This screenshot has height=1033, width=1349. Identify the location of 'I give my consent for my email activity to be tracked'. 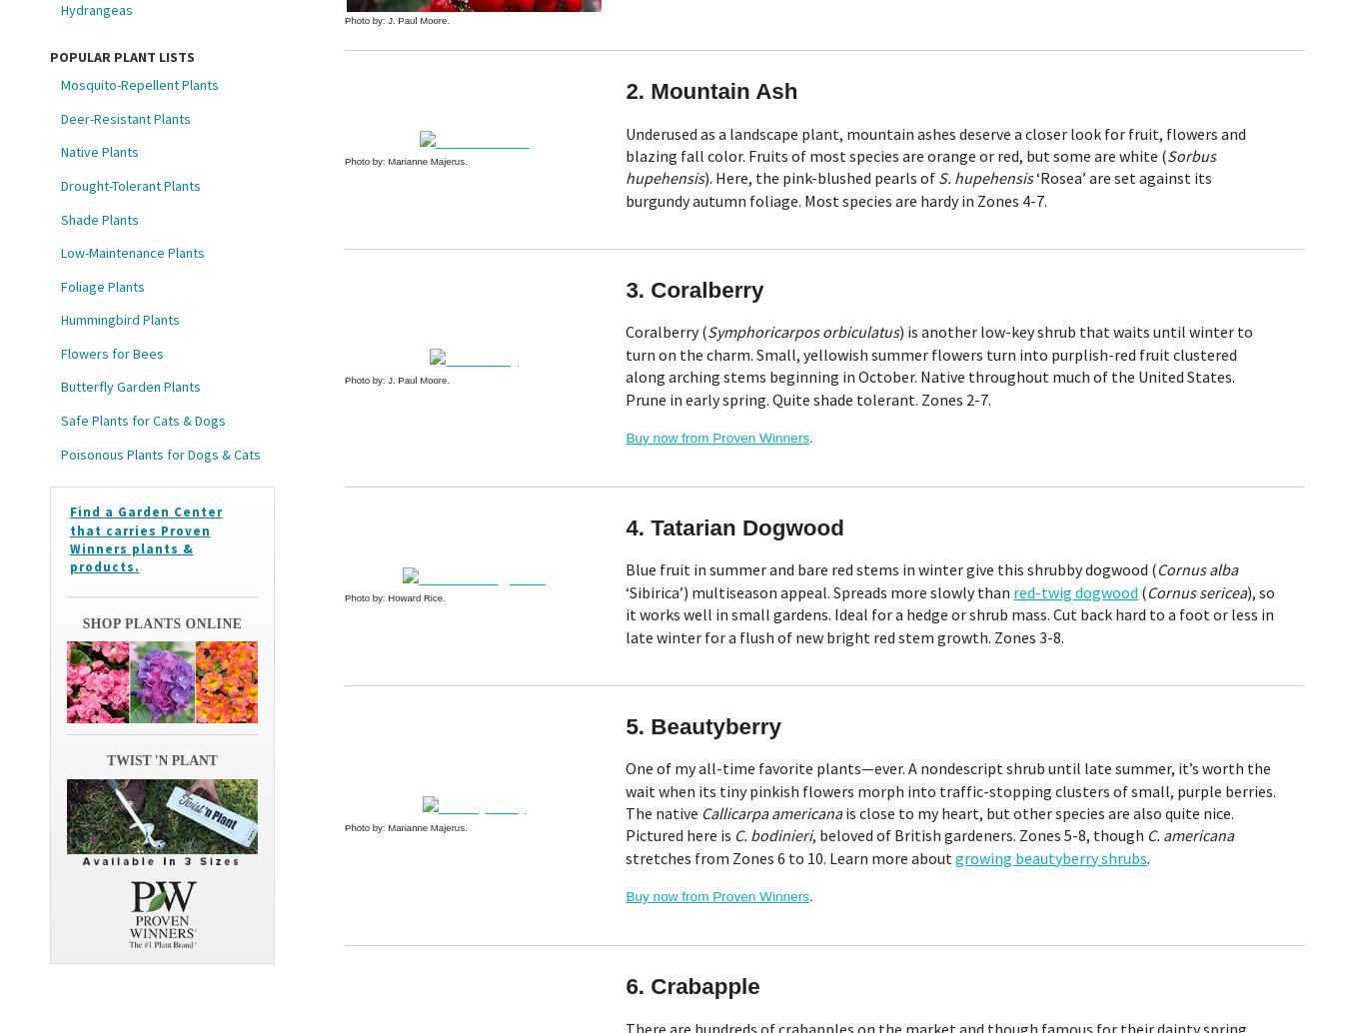
(675, 498).